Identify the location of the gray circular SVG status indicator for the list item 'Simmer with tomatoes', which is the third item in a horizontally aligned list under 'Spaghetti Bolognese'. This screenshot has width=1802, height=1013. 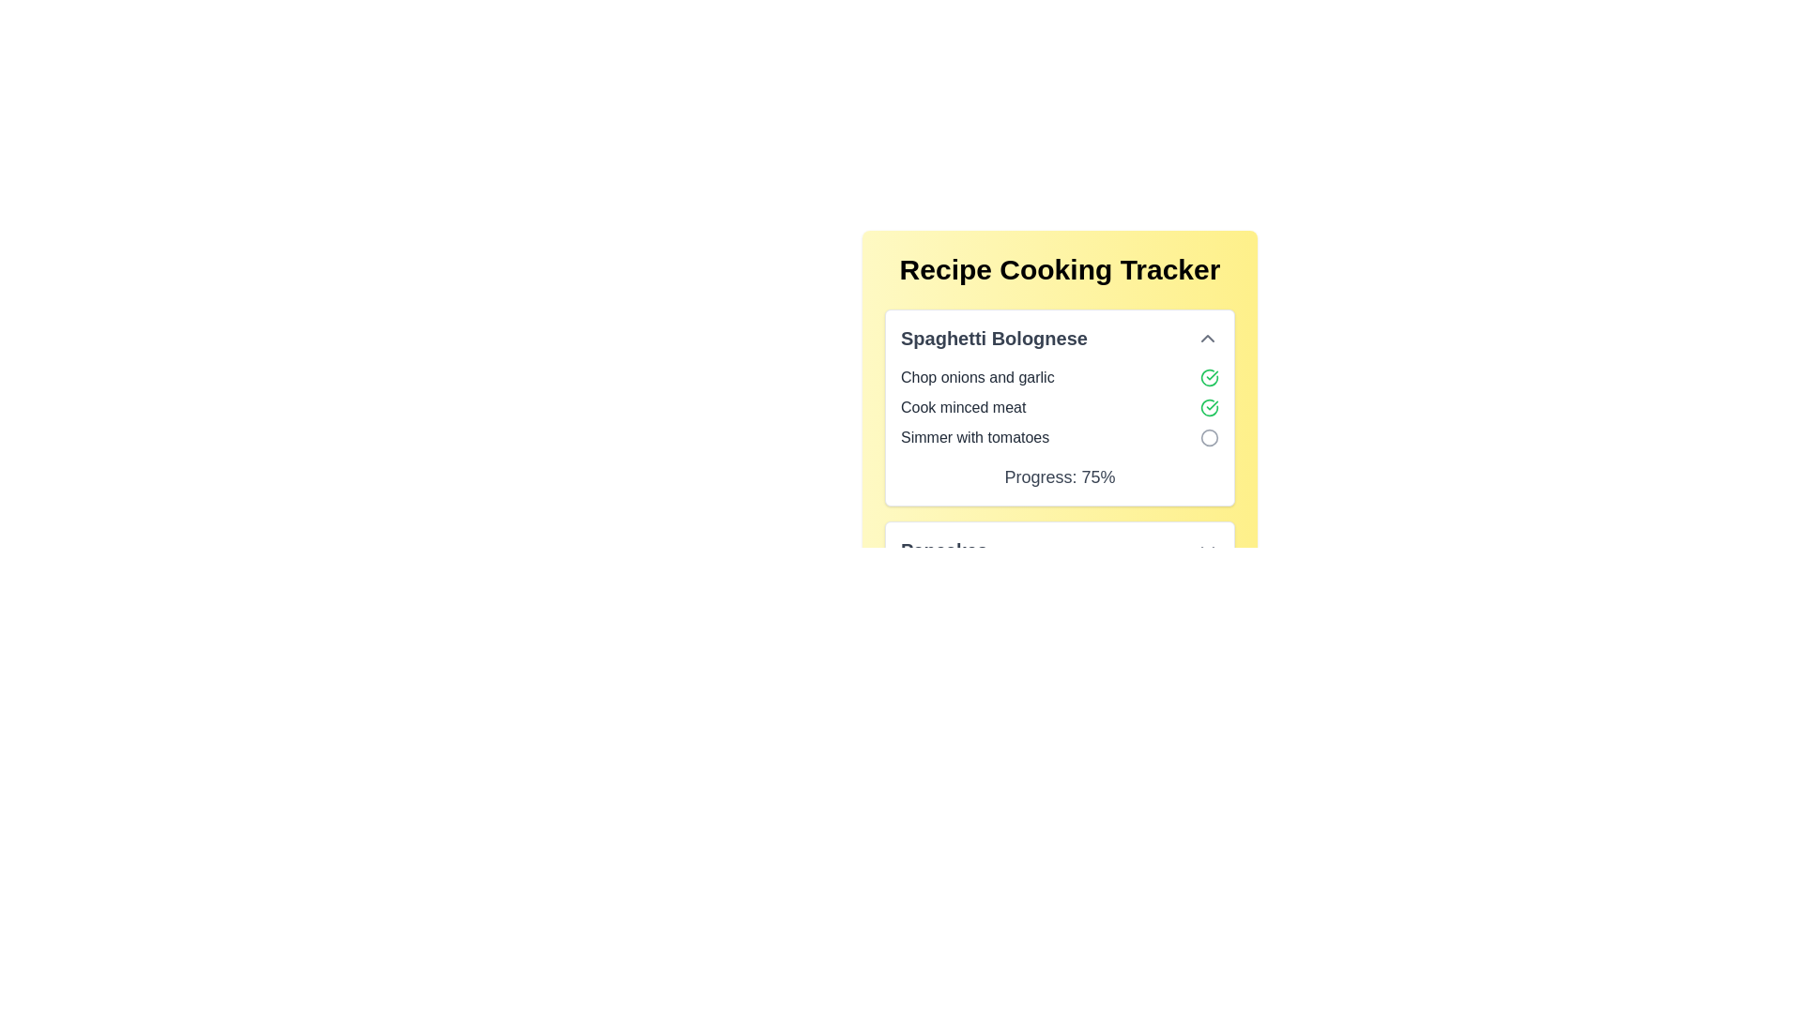
(1210, 437).